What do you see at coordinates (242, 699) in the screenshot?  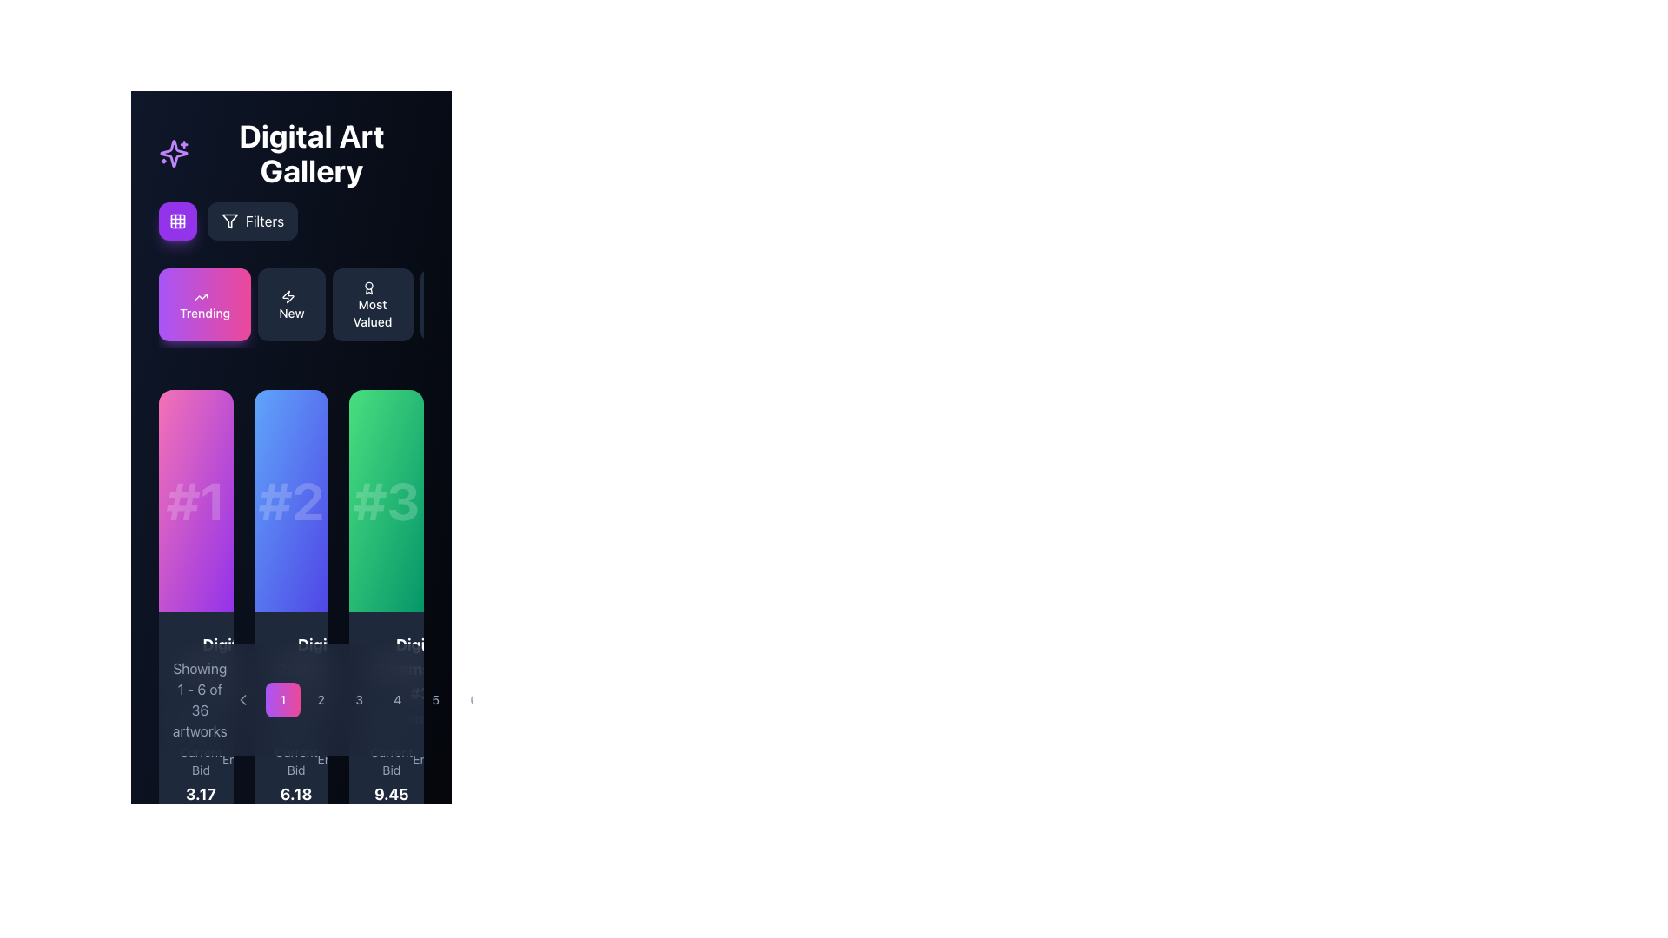 I see `the pagination button containing the SVG arrow icon to observe the hover effect` at bounding box center [242, 699].